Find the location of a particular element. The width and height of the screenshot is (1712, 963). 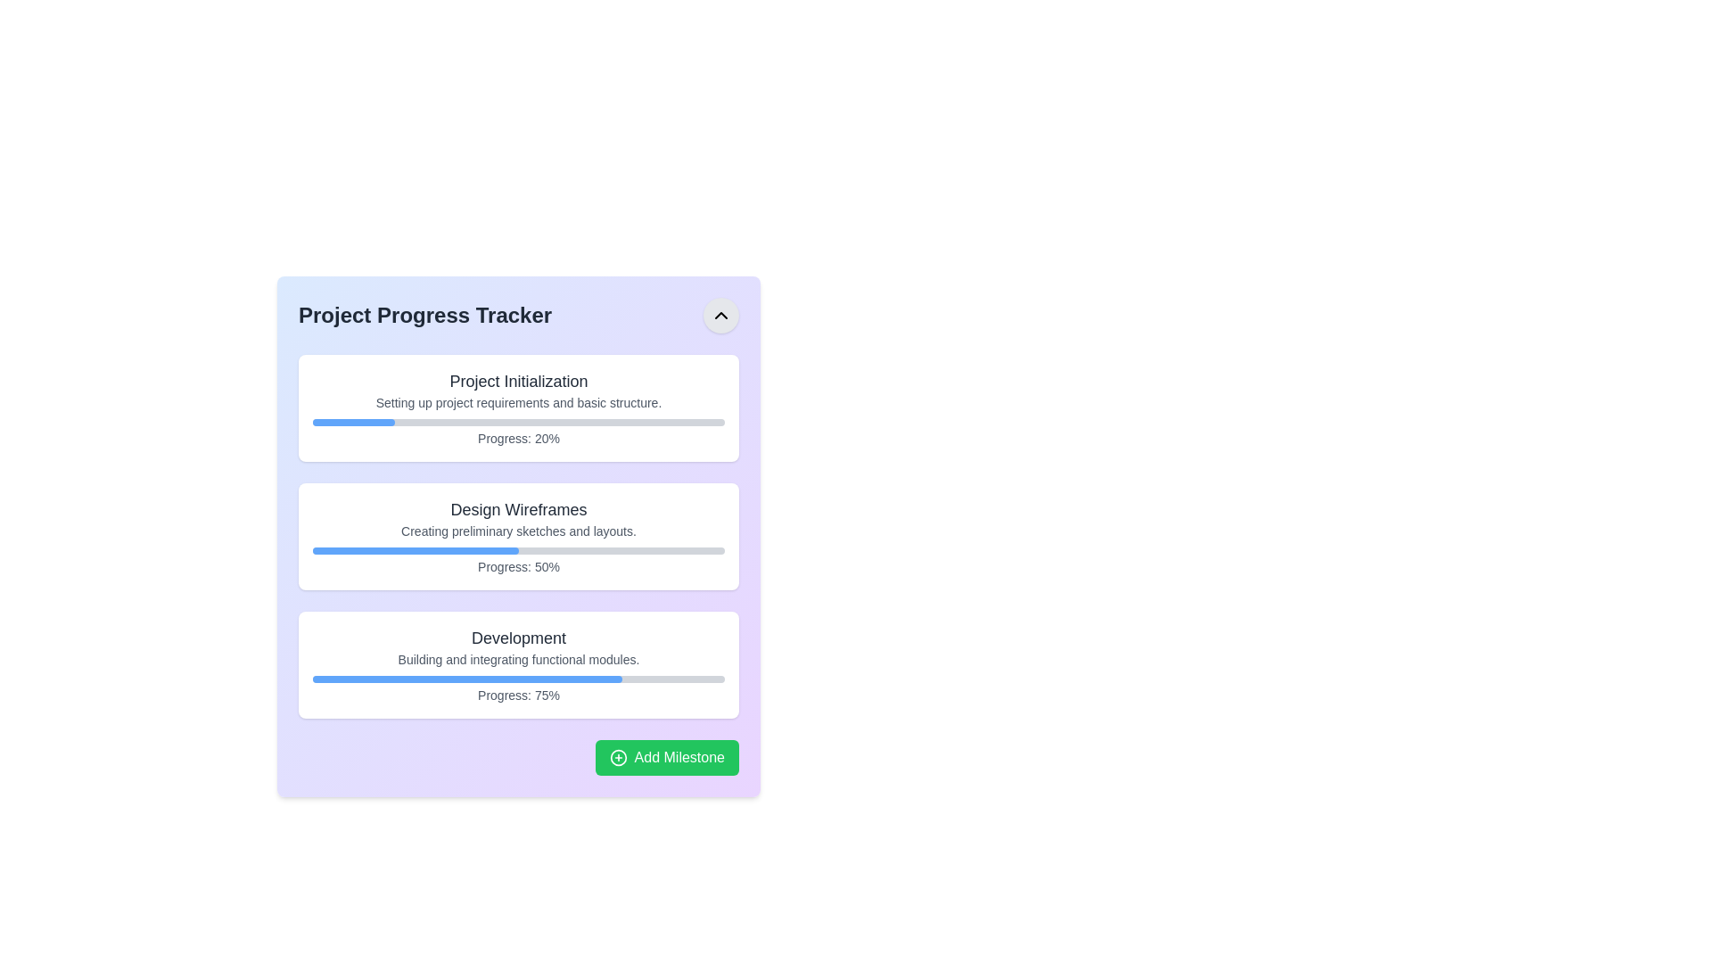

the design of the small green outlined circle icon with a white plus sign inside, located to the left of the 'Add Milestone' text on the button at the bottom-center of the interface is located at coordinates (618, 757).